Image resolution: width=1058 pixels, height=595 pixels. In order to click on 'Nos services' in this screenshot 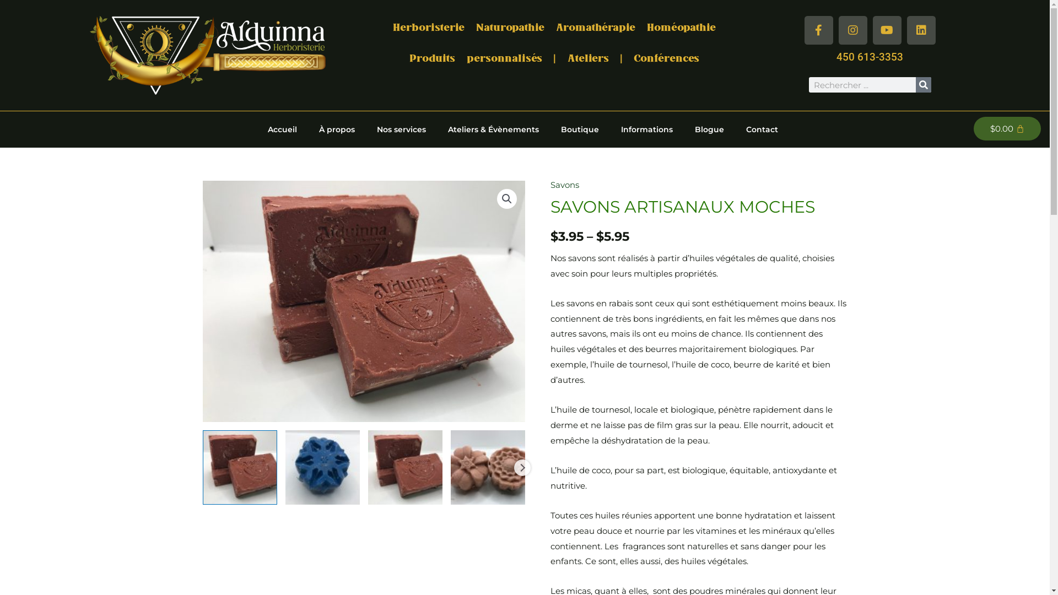, I will do `click(365, 129)`.